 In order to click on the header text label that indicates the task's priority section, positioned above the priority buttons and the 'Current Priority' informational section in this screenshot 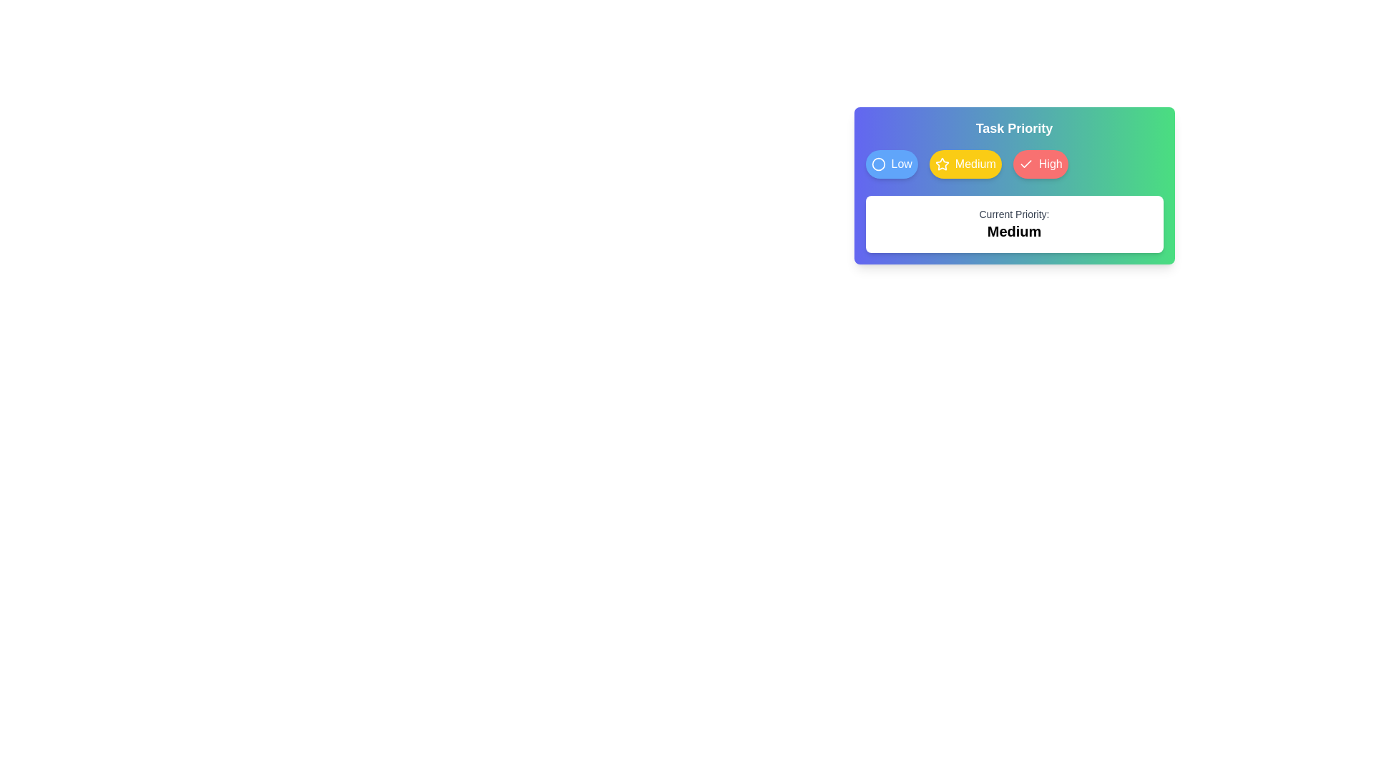, I will do `click(1013, 129)`.